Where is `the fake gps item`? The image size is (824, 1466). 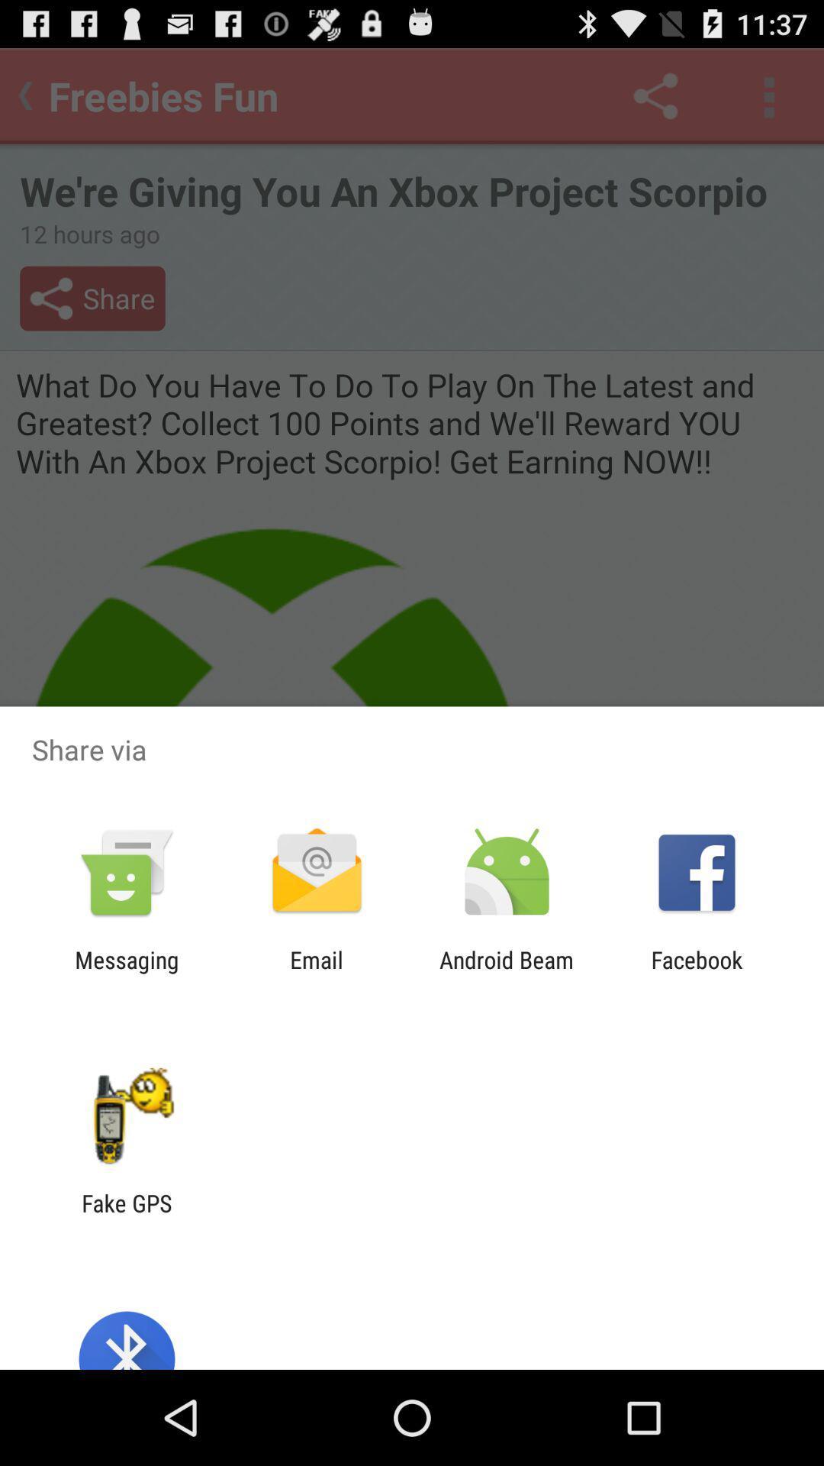 the fake gps item is located at coordinates (126, 1216).